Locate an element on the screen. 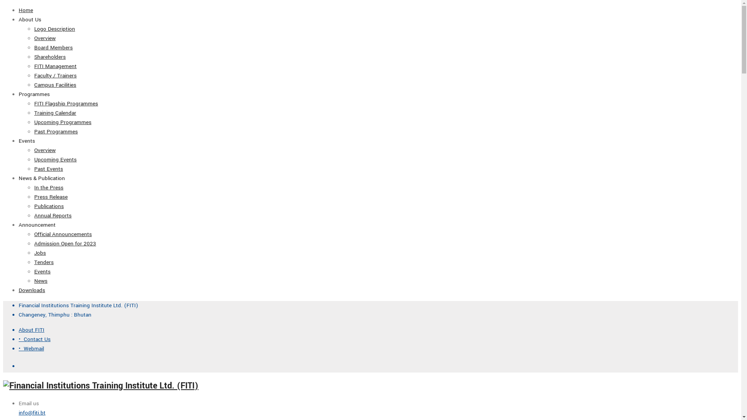 The image size is (747, 420). 'Official Announcements' is located at coordinates (33, 234).